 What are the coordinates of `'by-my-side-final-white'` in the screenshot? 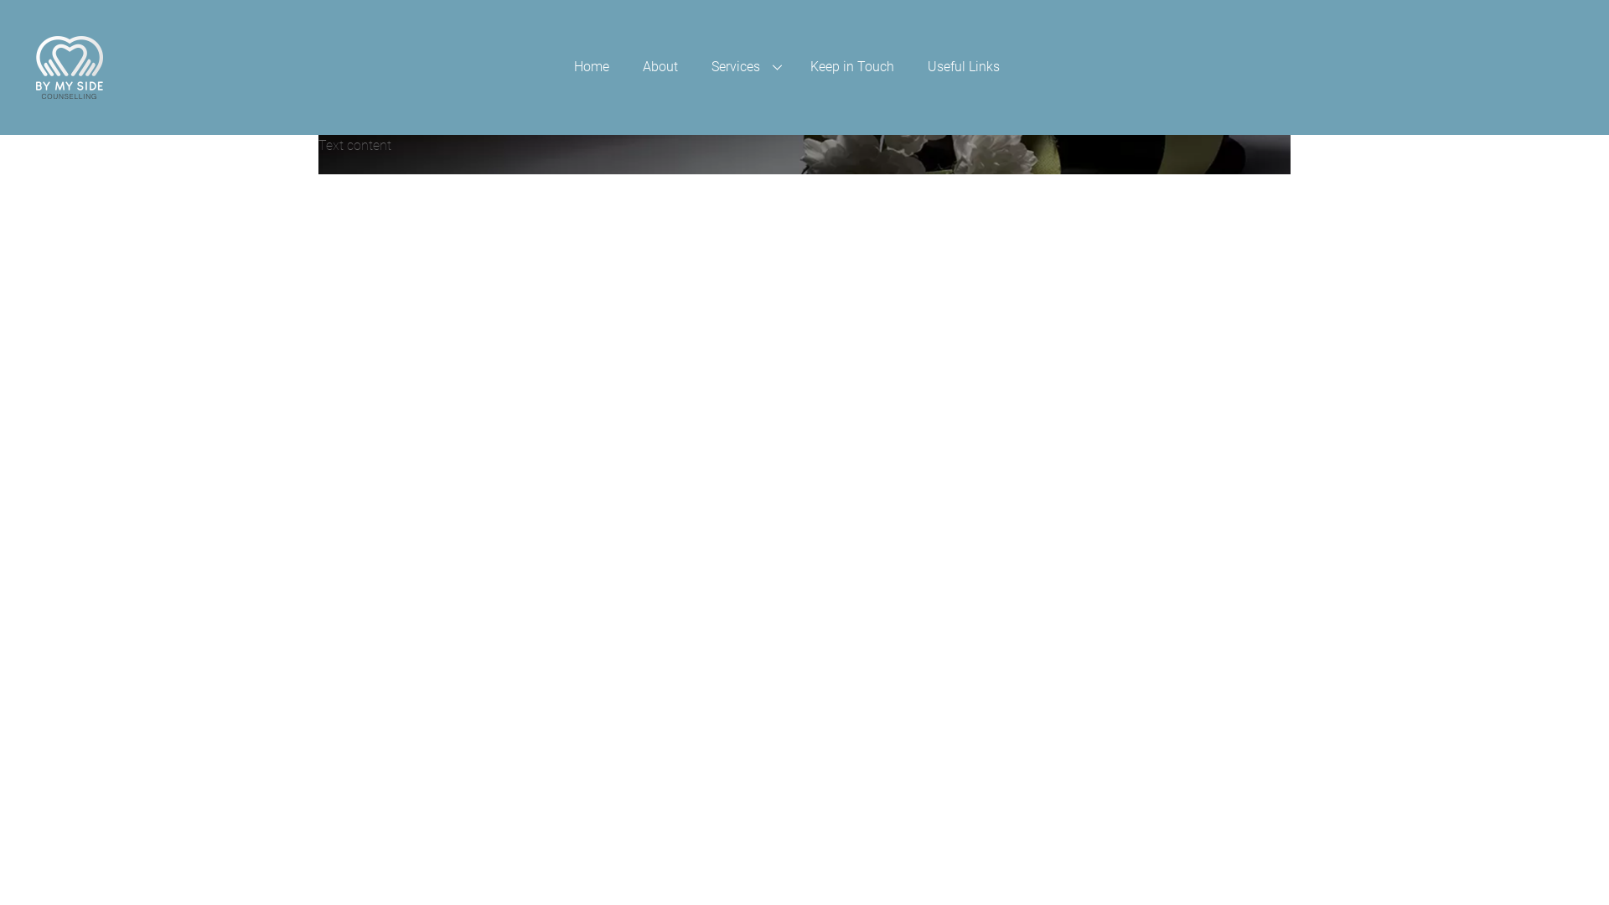 It's located at (68, 66).